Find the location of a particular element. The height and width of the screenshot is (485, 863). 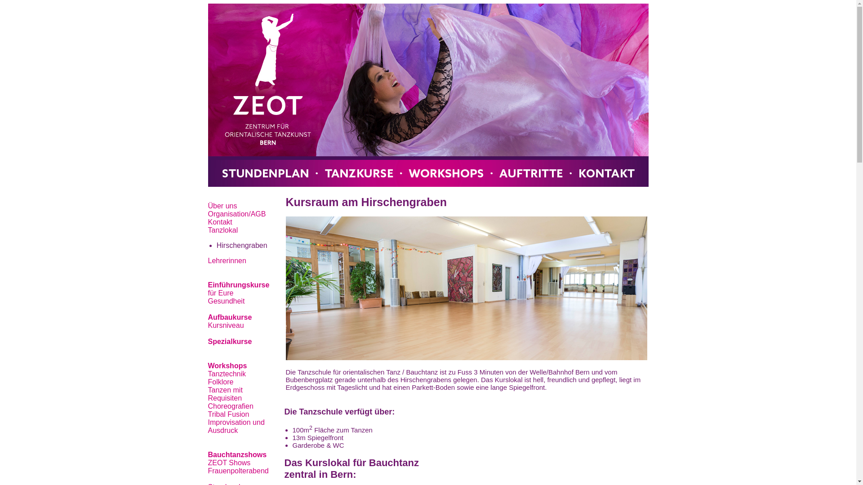

'Improvisation und Ausdruck' is located at coordinates (236, 426).